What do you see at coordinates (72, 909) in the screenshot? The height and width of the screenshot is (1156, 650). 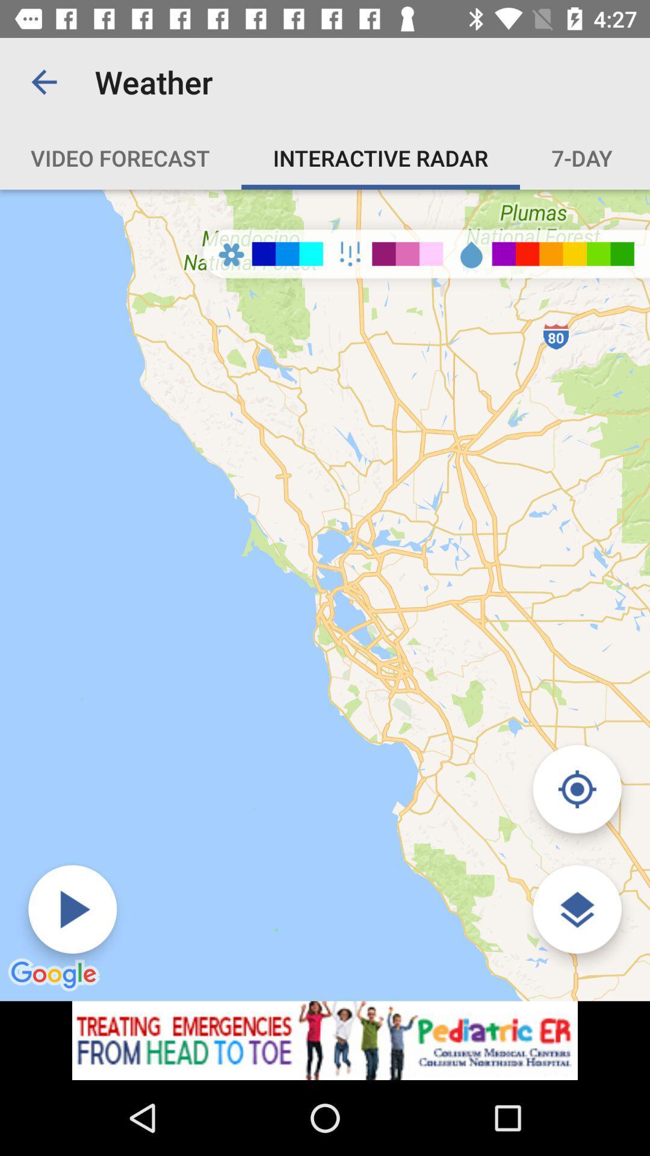 I see `play` at bounding box center [72, 909].